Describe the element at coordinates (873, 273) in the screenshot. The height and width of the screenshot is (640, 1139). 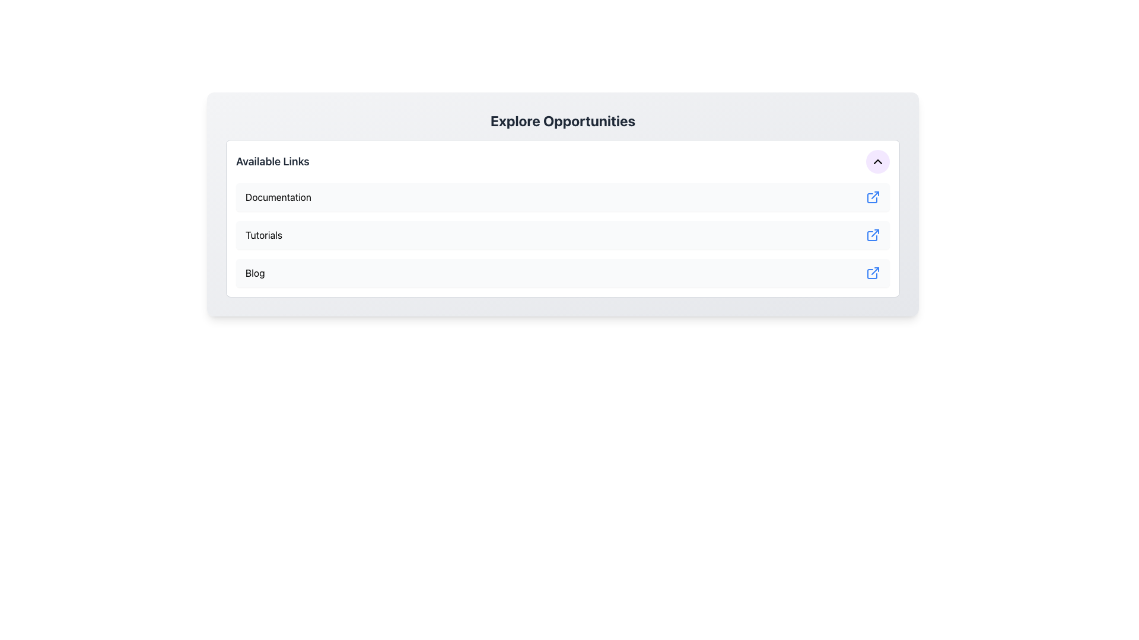
I see `the link icon located to the right of the 'Blog' text label` at that location.